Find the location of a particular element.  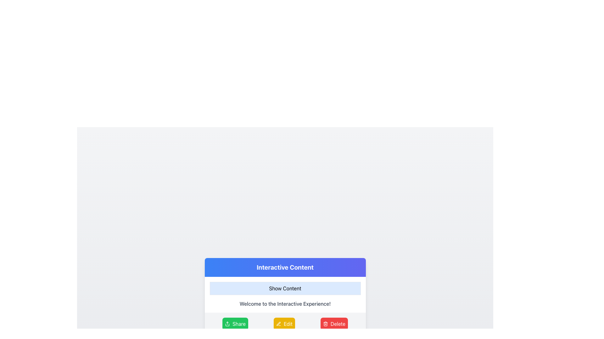

the 'Delete' button, which is the third button on the bottom row with white text on a red background is located at coordinates (338, 324).